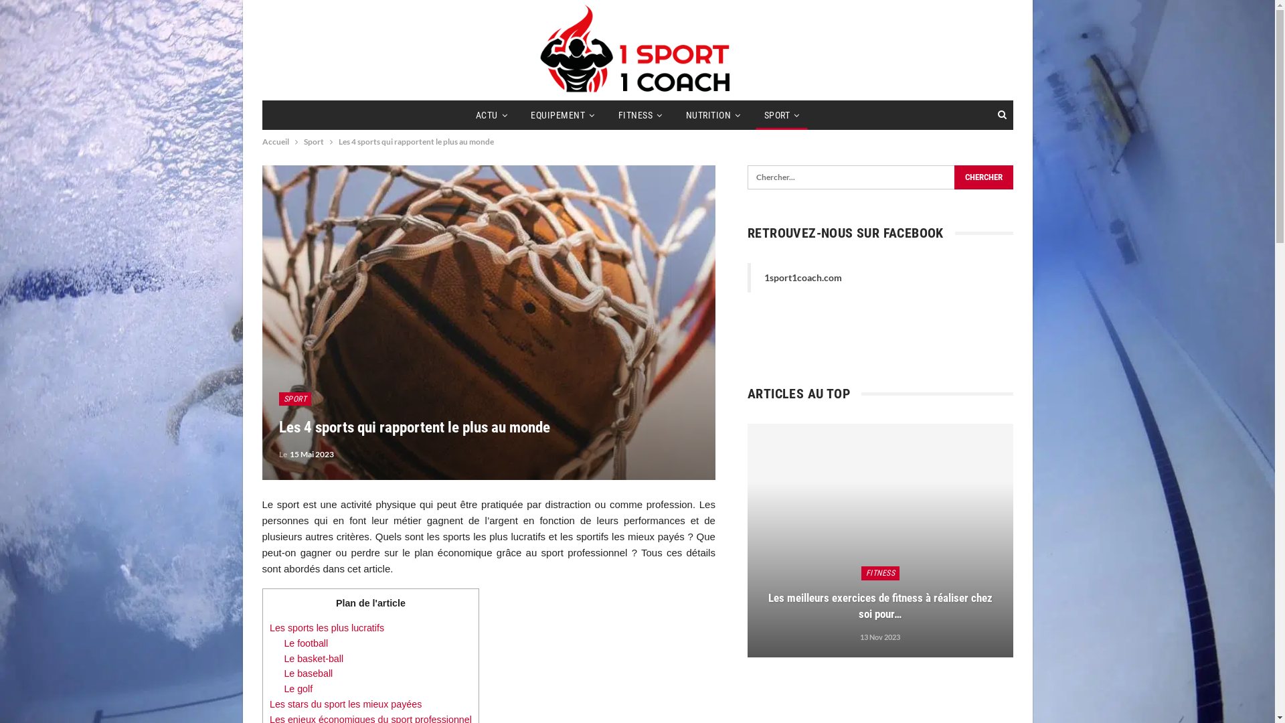  I want to click on 'Le football', so click(282, 642).